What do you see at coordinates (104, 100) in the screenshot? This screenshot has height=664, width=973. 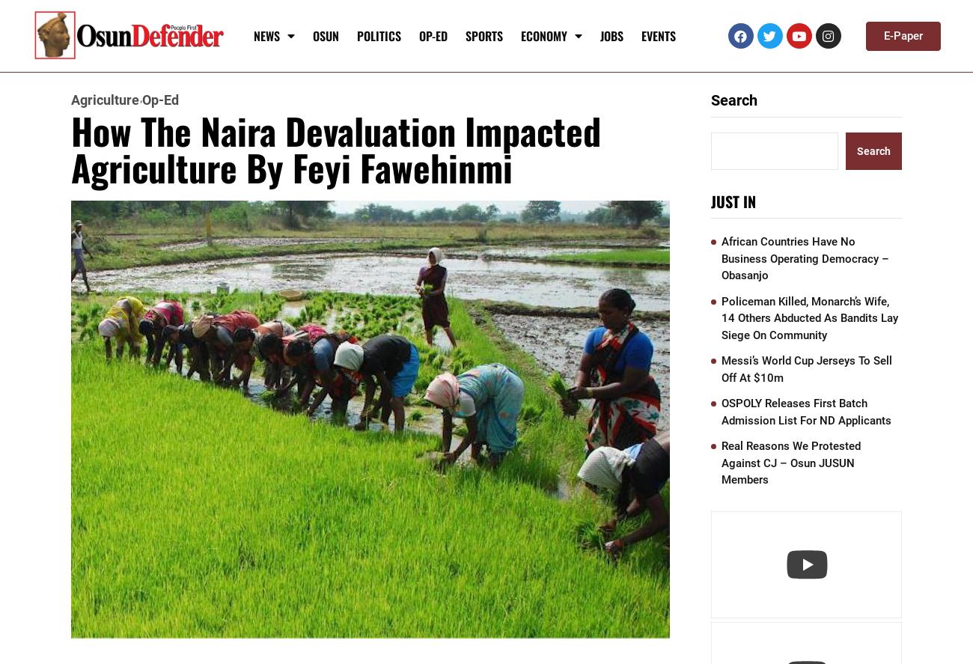 I see `'Agriculture'` at bounding box center [104, 100].